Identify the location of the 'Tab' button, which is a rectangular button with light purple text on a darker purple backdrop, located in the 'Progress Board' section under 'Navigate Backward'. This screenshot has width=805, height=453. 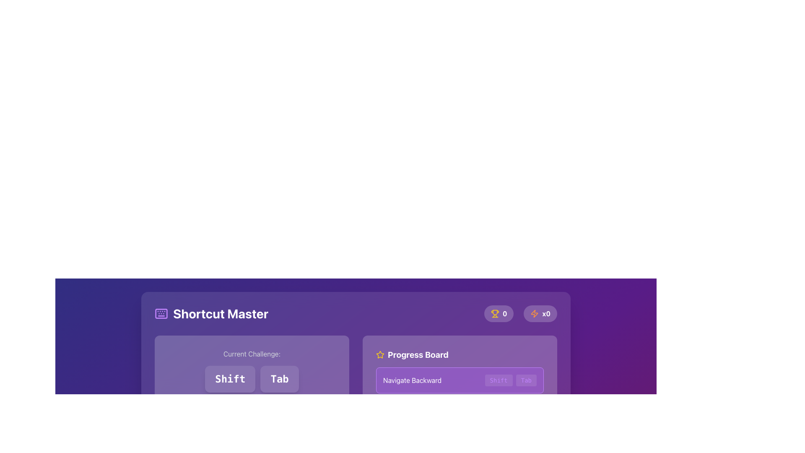
(526, 380).